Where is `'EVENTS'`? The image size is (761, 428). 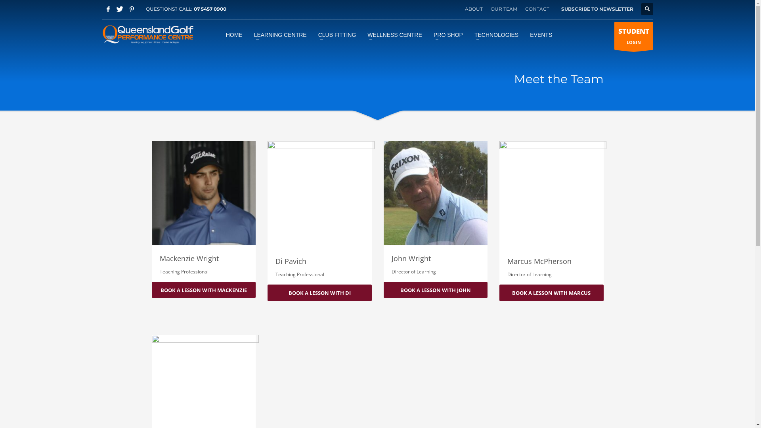
'EVENTS' is located at coordinates (540, 34).